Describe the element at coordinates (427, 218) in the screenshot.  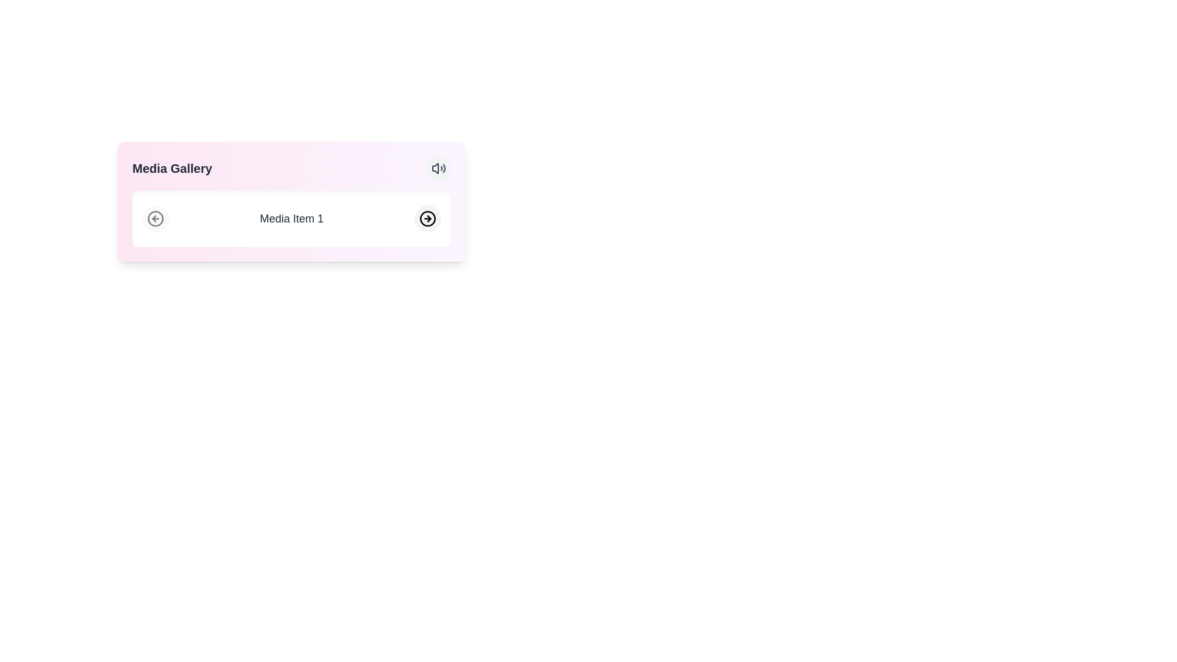
I see `the right circular arrow icon button for navigation located next to the label 'Media Item 1'` at that location.